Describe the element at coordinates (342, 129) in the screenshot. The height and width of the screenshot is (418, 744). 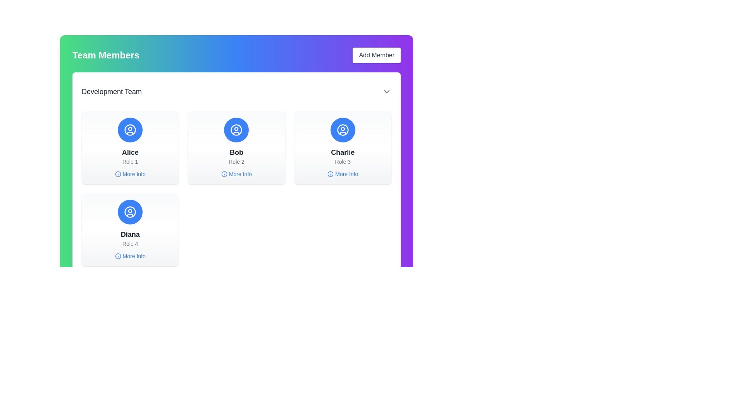
I see `the profile icon located at the top-center of the third card ('Charlie') in the second row under the 'Development Team' section` at that location.